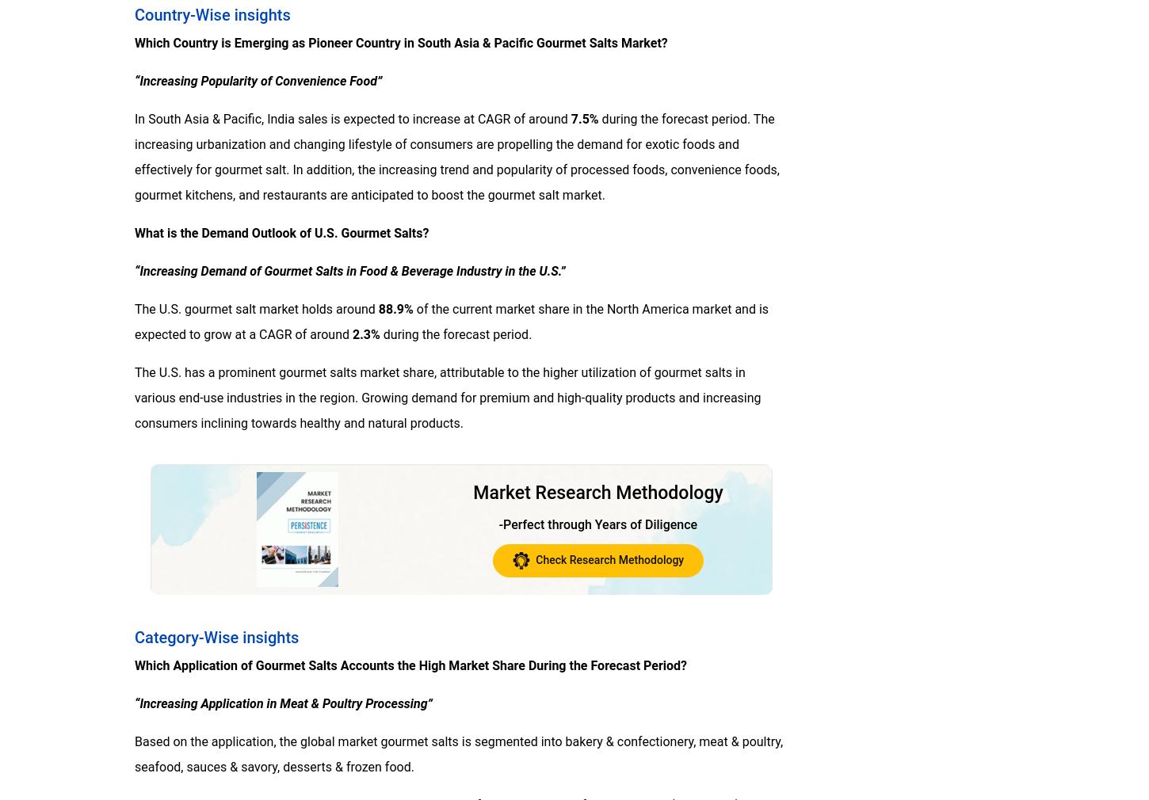  I want to click on 'during the forecast period. The increasing urbanization and changing lifestyle of consumers are propelling the demand for exotic foods and effectively for gourmet salt. In addition, the increasing trend and popularity of processed foods, convenience foods, gourmet kitchens, and restaurants are anticipated to boost the gourmet salt market.', so click(456, 155).